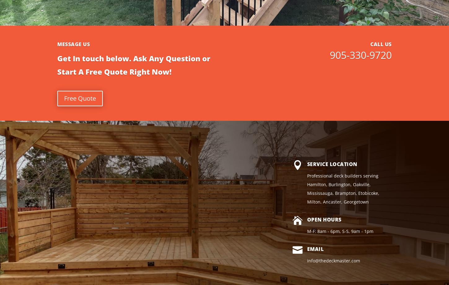  I want to click on '905-330-9720', so click(360, 55).